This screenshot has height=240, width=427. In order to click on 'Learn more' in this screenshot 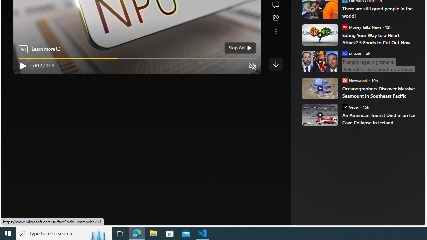, I will do `click(45, 49)`.